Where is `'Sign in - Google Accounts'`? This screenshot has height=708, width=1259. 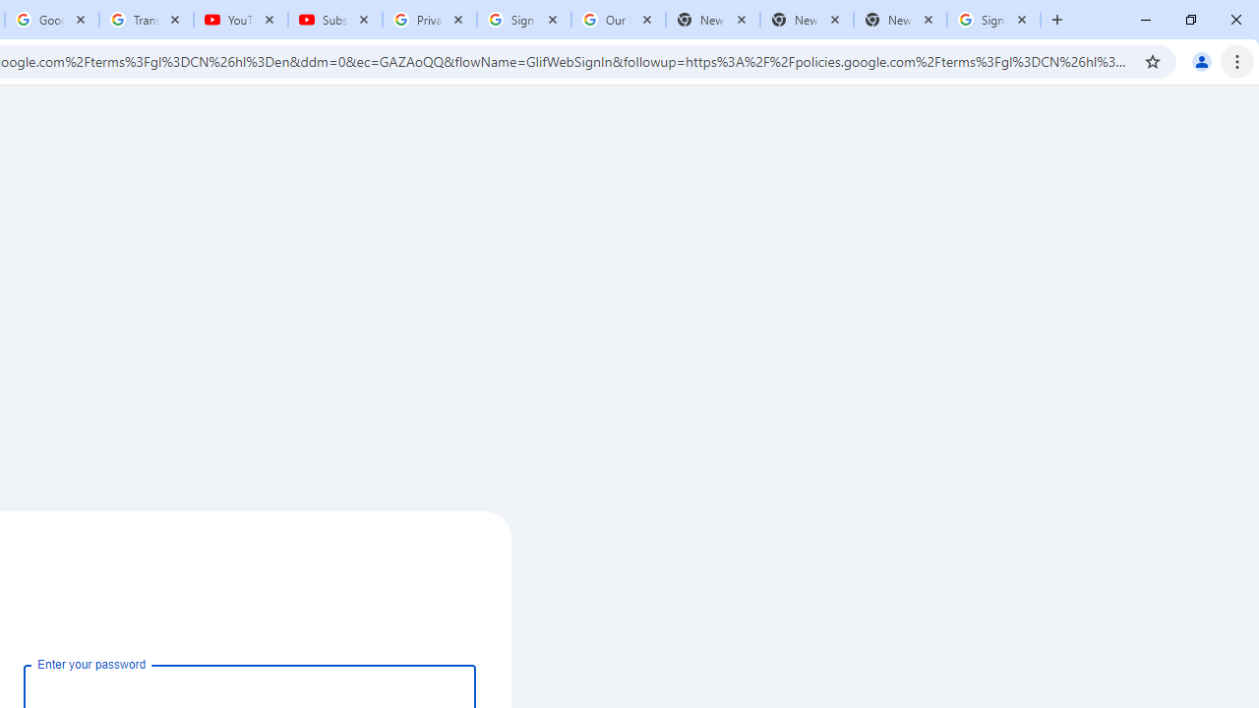
'Sign in - Google Accounts' is located at coordinates (993, 20).